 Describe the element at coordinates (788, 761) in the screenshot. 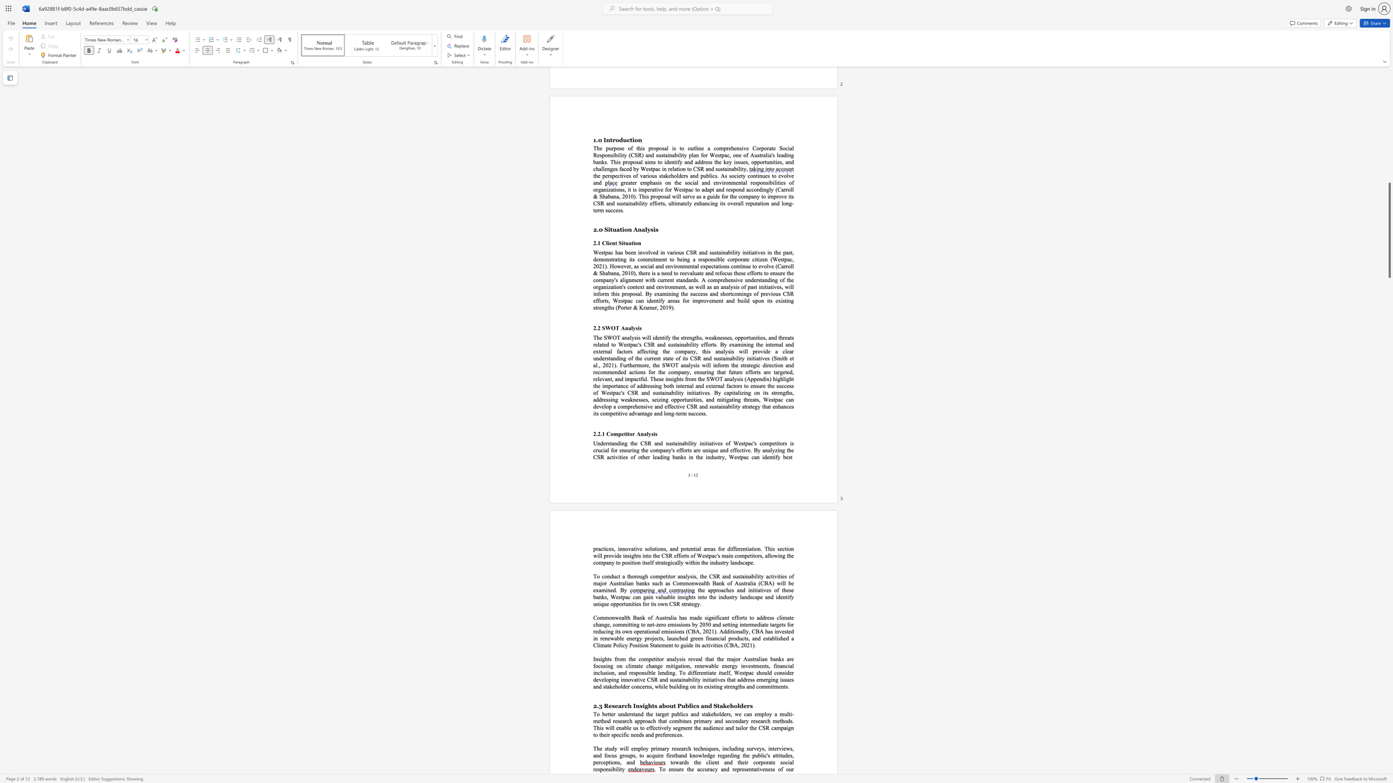

I see `the 3th character "i" in the text` at that location.